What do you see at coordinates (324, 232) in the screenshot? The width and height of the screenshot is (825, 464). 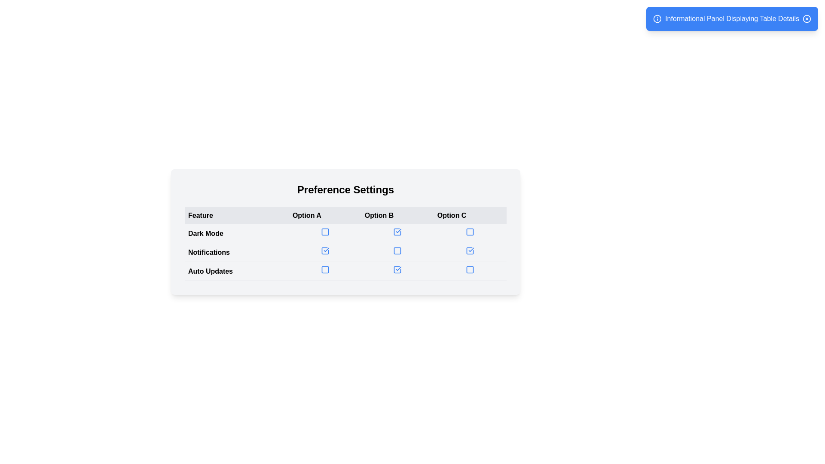 I see `the checkbox in the 'Preference Settings' table` at bounding box center [324, 232].